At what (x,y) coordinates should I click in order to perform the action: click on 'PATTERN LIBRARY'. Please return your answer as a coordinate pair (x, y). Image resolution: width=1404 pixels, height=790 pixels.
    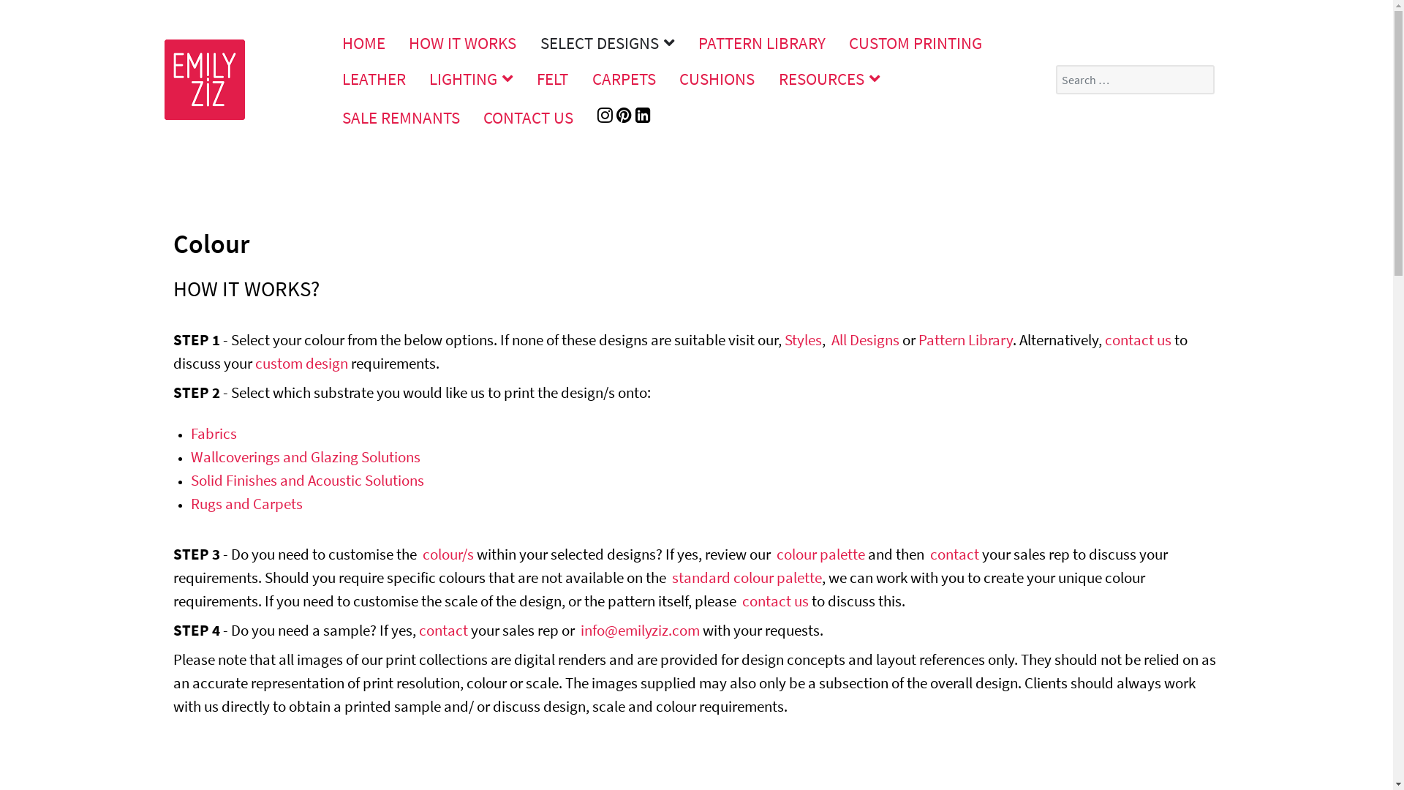
    Looking at the image, I should click on (760, 42).